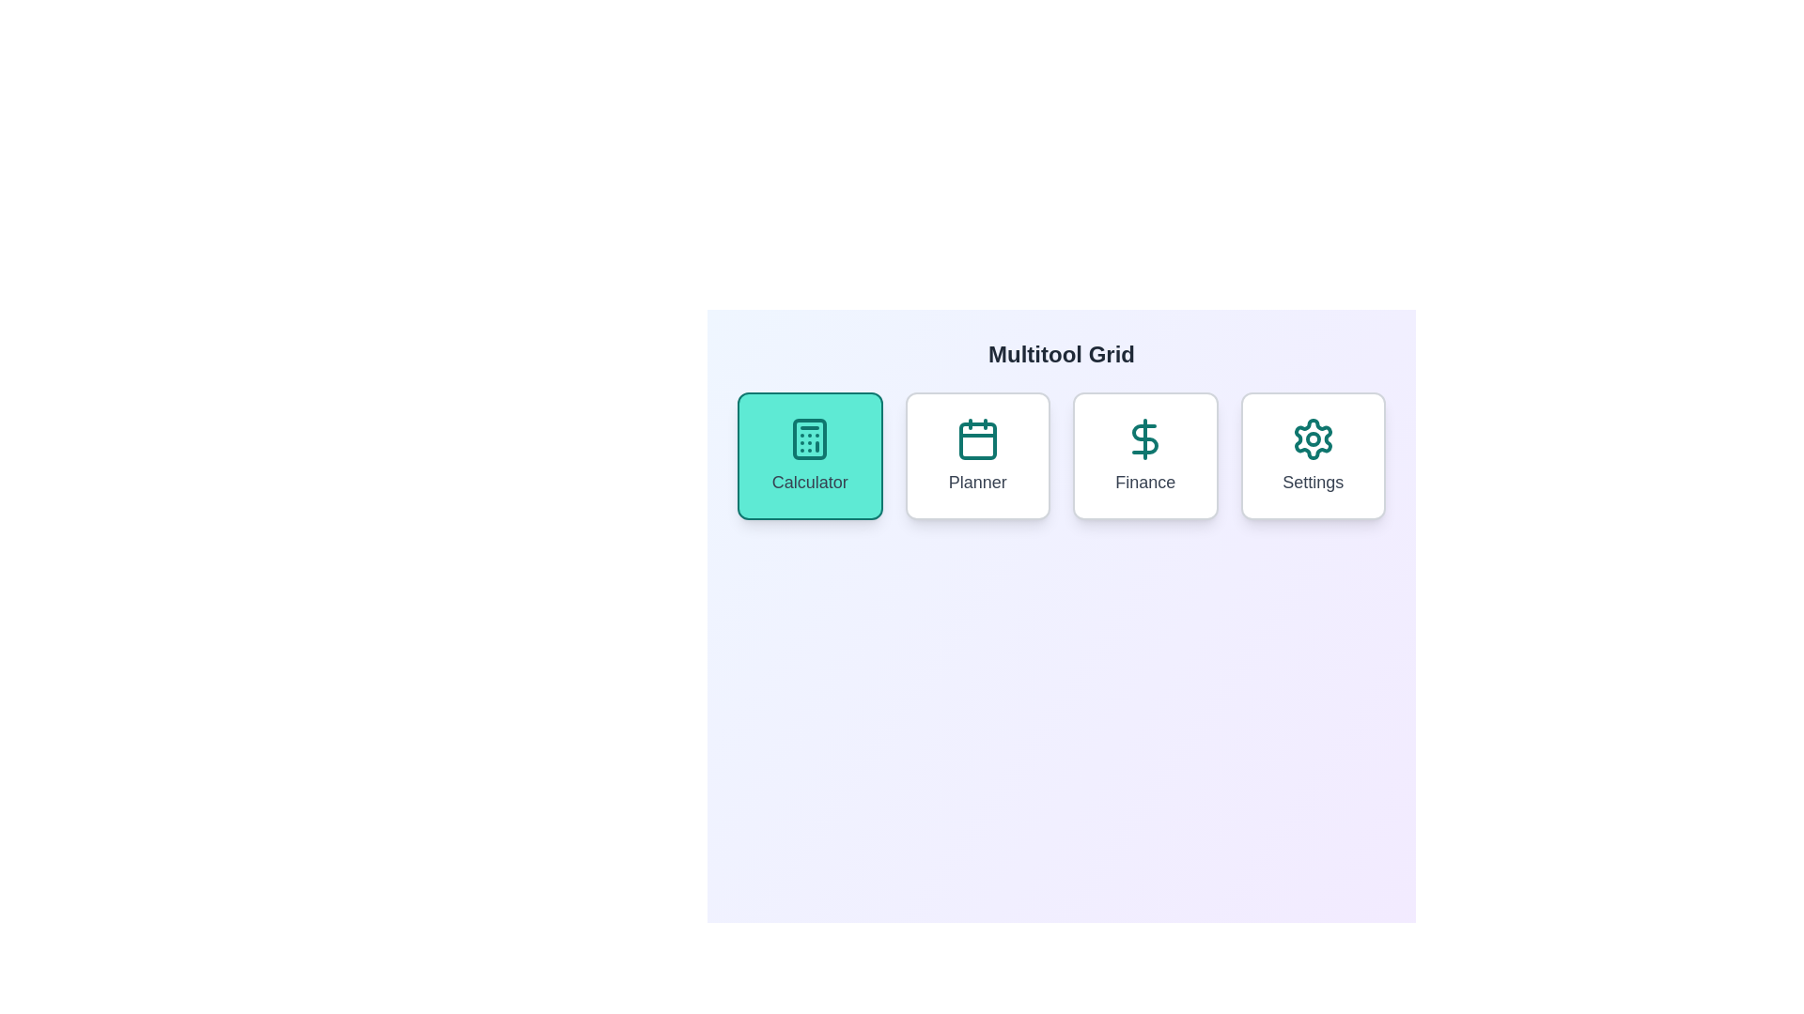 The height and width of the screenshot is (1014, 1804). What do you see at coordinates (1312, 438) in the screenshot?
I see `the gear icon associated with the settings options, which is teal in color and located above the text 'Settings'` at bounding box center [1312, 438].